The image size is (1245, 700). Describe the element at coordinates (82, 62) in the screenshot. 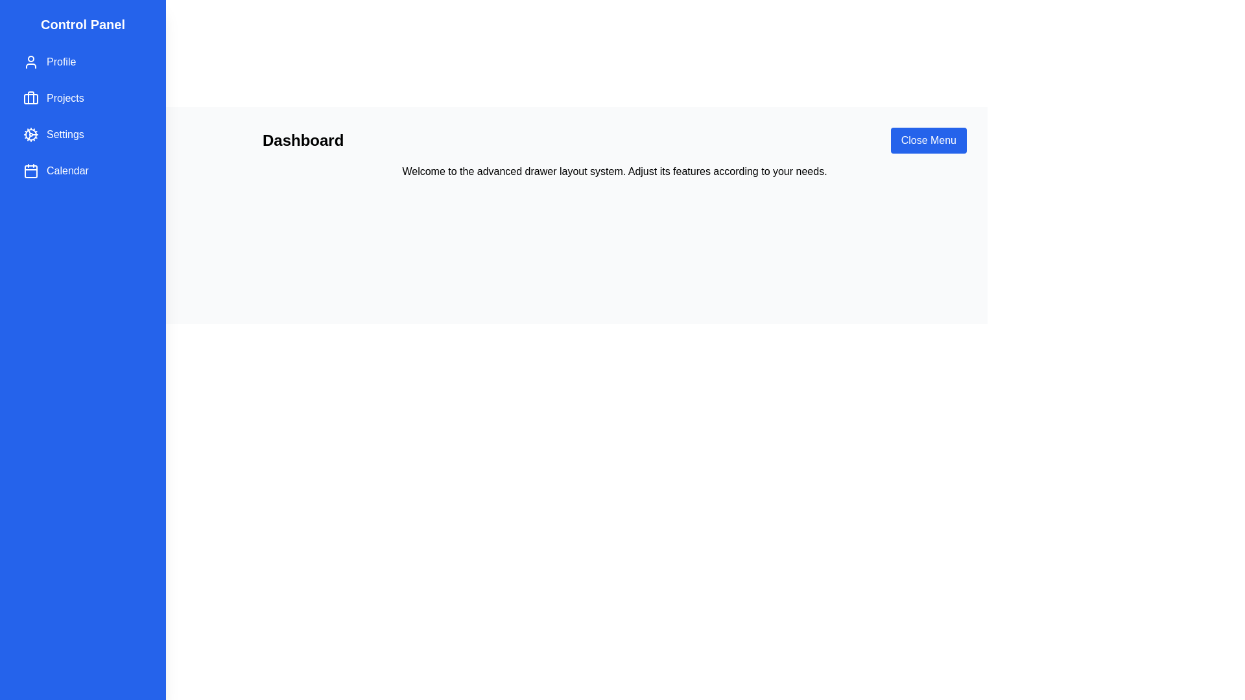

I see `the 'Profile' button located at the top of the vertical list in the left side panel` at that location.